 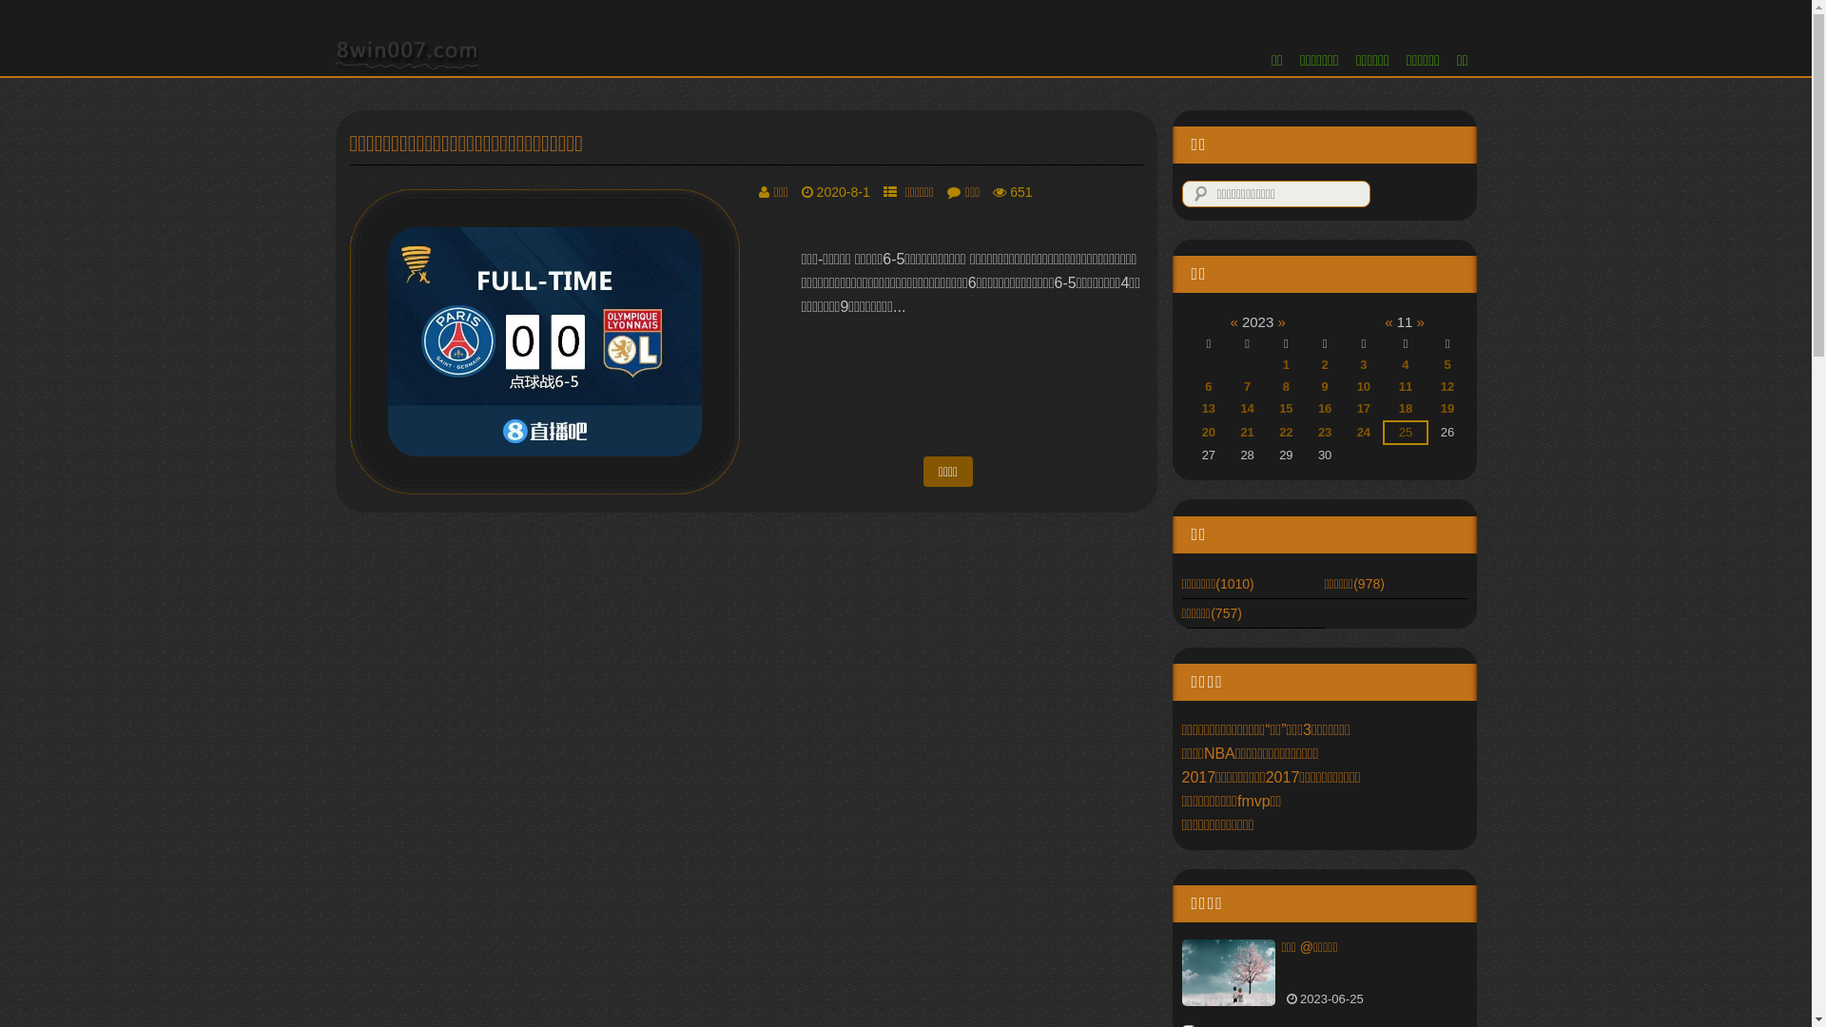 What do you see at coordinates (1406, 385) in the screenshot?
I see `'11'` at bounding box center [1406, 385].